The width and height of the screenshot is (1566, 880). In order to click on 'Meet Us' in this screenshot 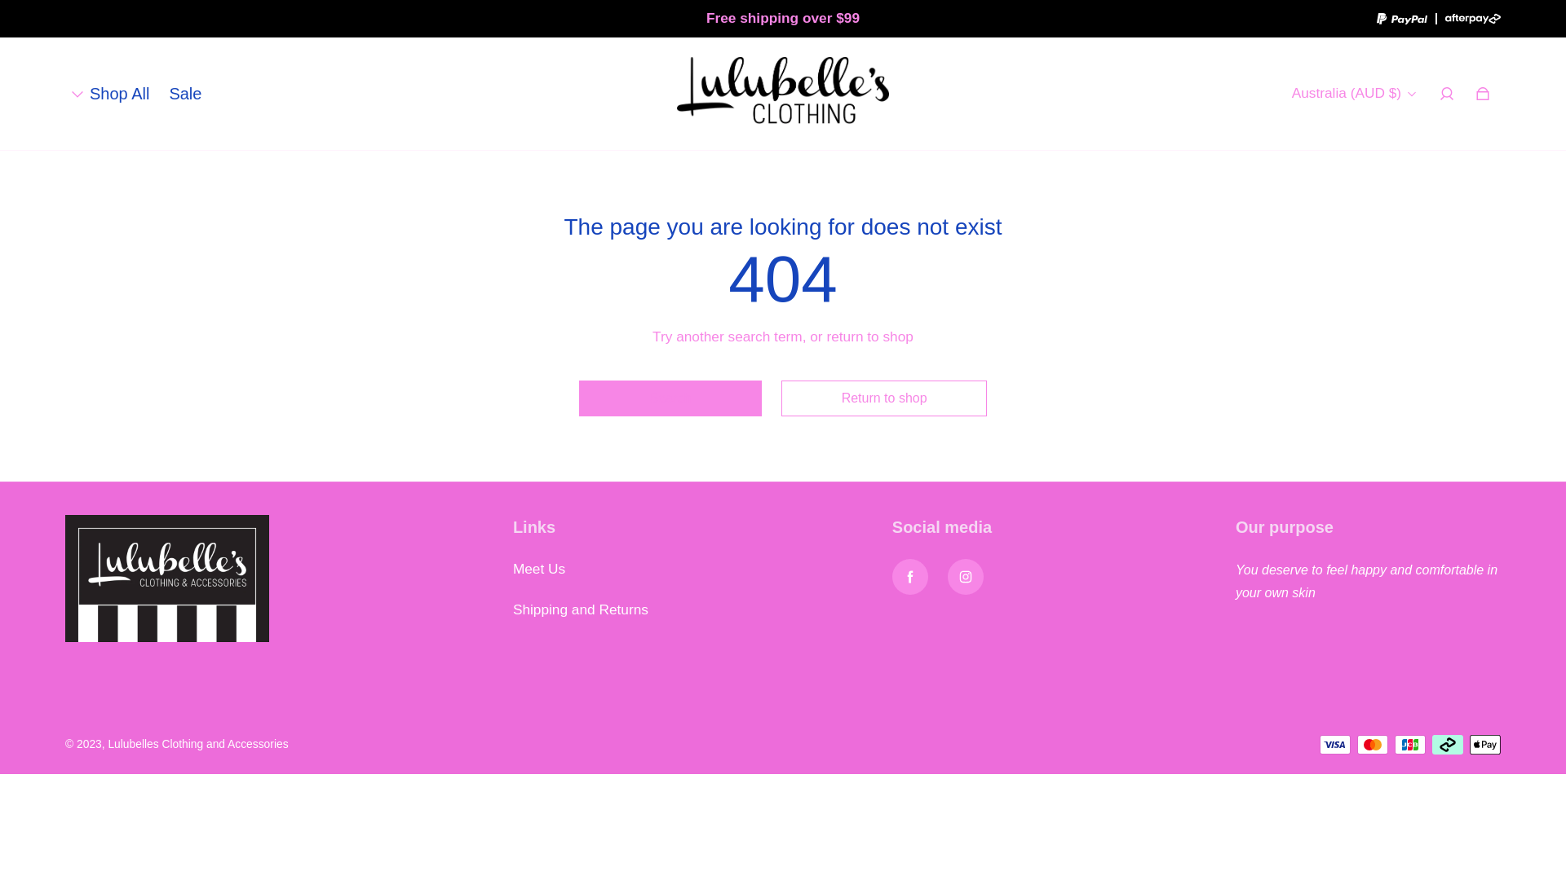, I will do `click(539, 568)`.